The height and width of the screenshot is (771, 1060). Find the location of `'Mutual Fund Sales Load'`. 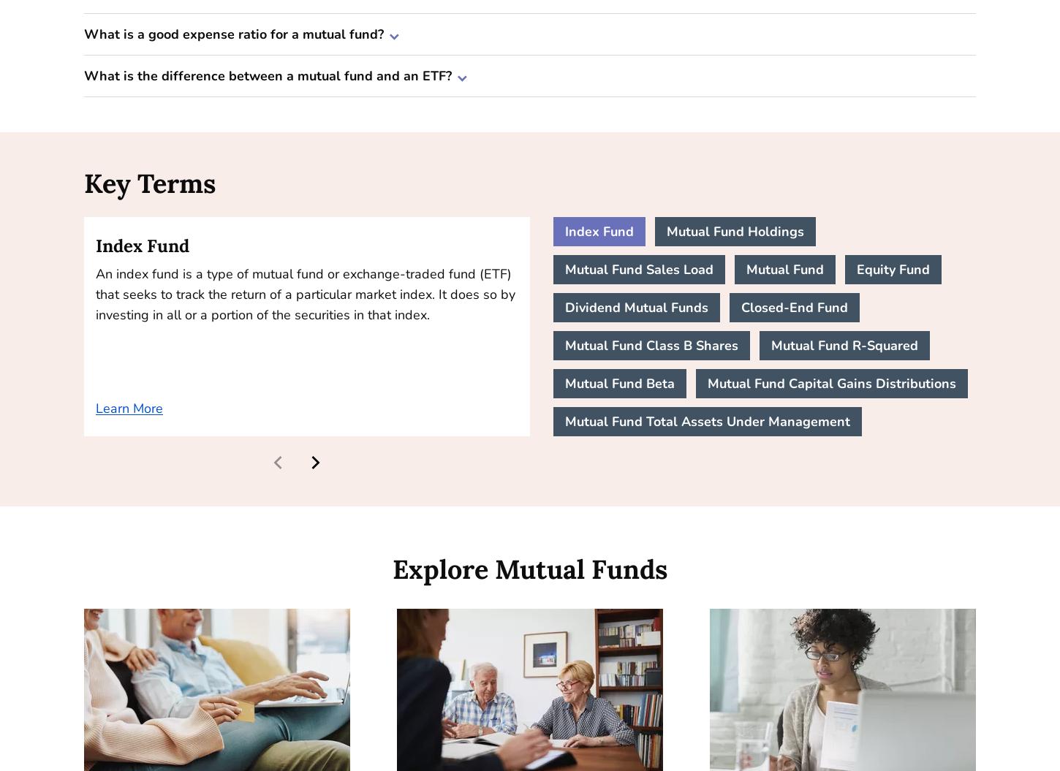

'Mutual Fund Sales Load' is located at coordinates (638, 270).